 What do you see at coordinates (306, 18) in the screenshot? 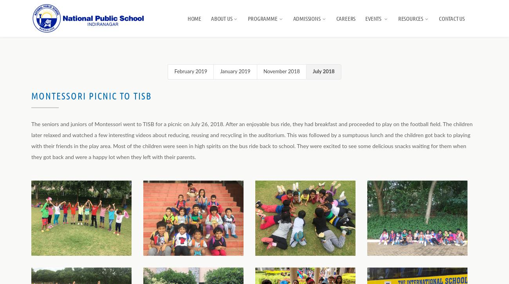
I see `'Admissions'` at bounding box center [306, 18].